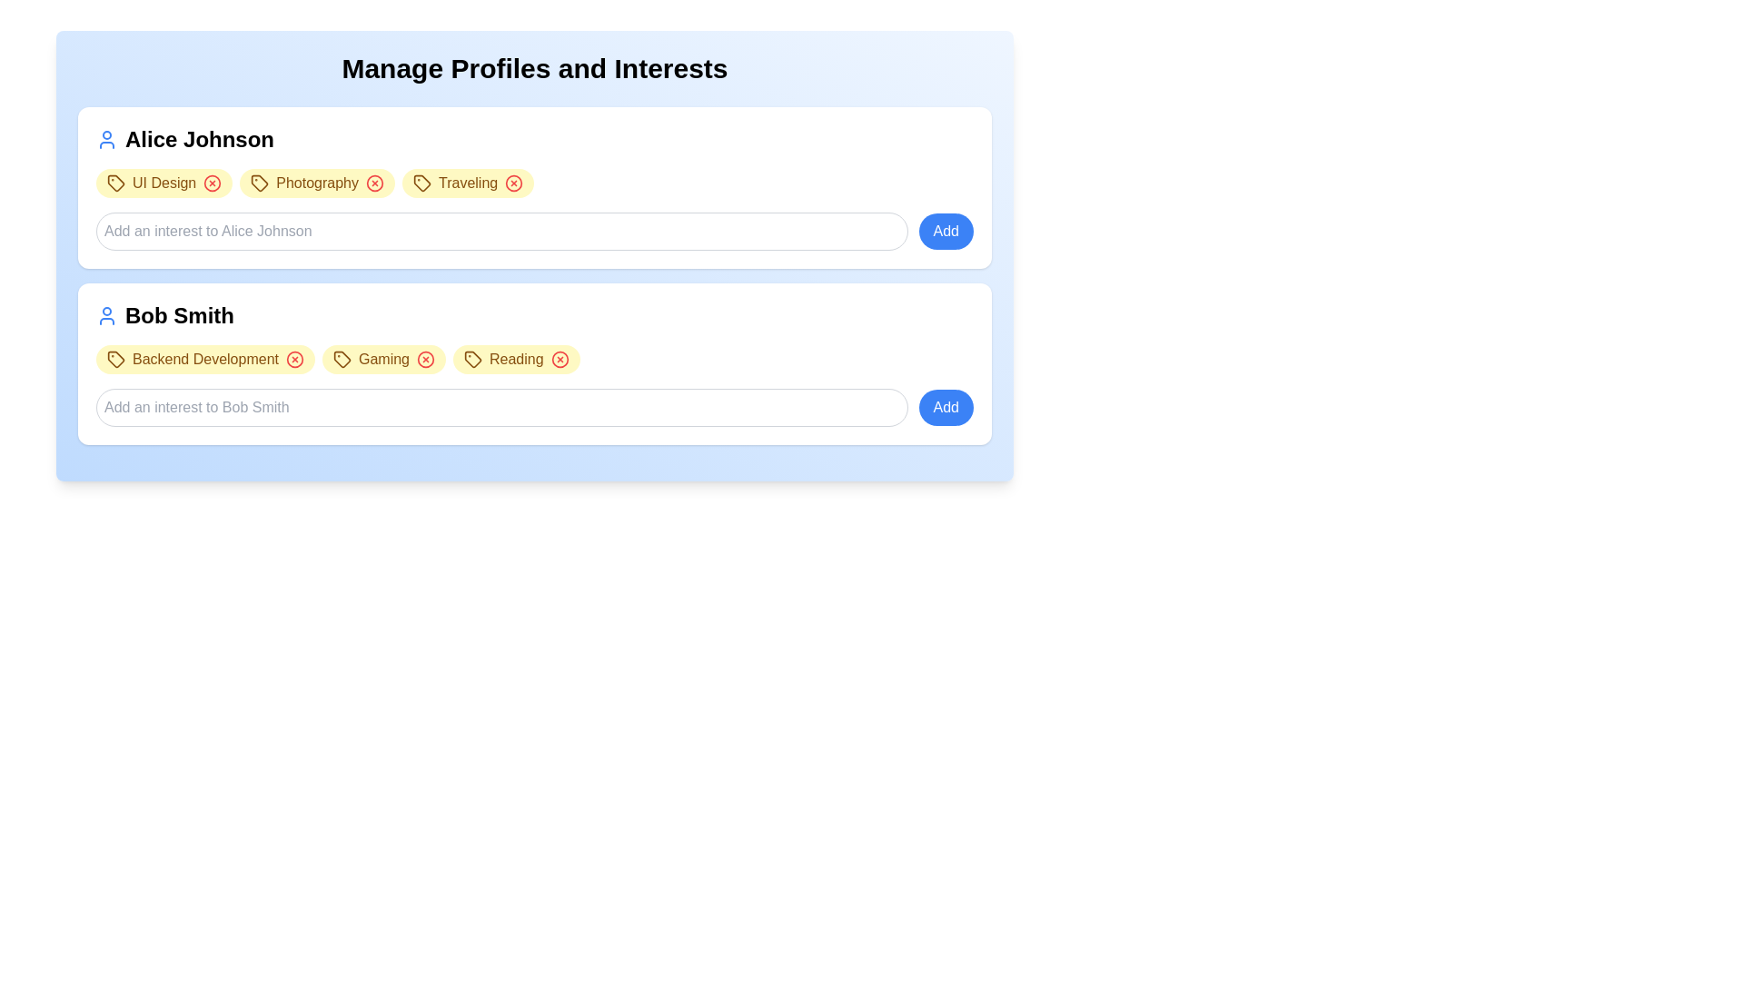 The height and width of the screenshot is (981, 1744). What do you see at coordinates (468, 183) in the screenshot?
I see `the removable tag element that represents an interest or category, located under the 'Alice Johnson' section, positioned between the 'Photography' button and the text input field` at bounding box center [468, 183].